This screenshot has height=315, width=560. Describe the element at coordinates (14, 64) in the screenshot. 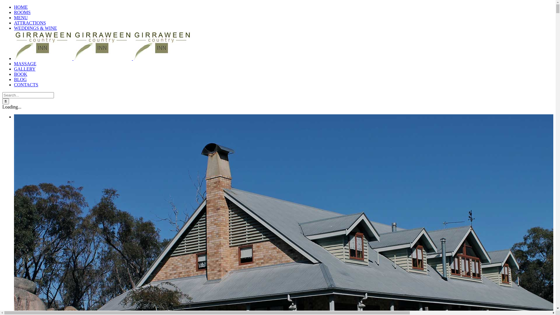

I see `'MASSAGE'` at that location.